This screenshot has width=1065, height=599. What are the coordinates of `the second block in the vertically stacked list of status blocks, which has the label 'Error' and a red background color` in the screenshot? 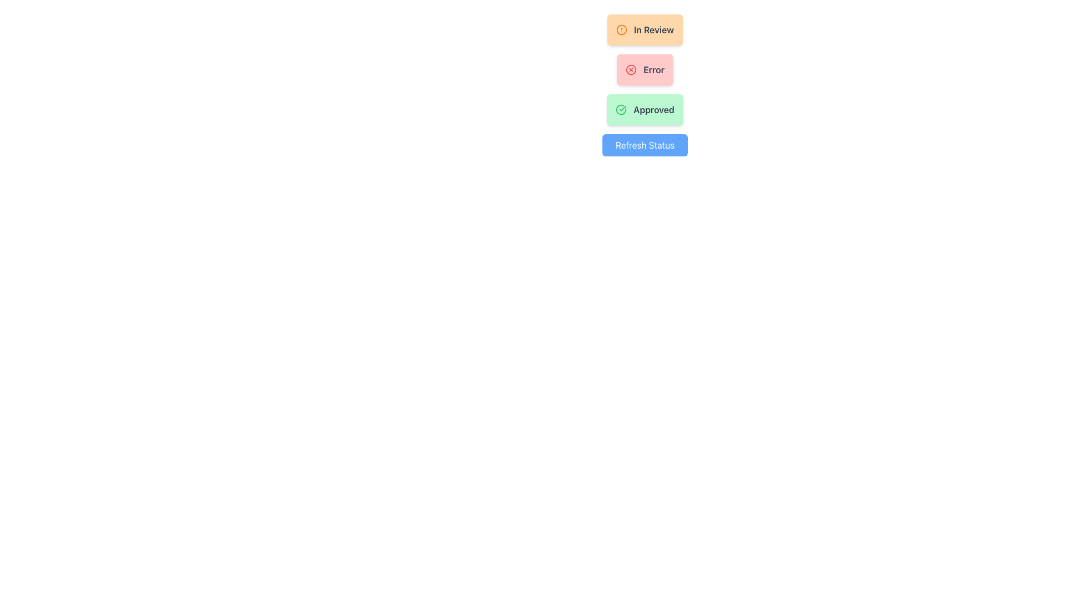 It's located at (645, 85).